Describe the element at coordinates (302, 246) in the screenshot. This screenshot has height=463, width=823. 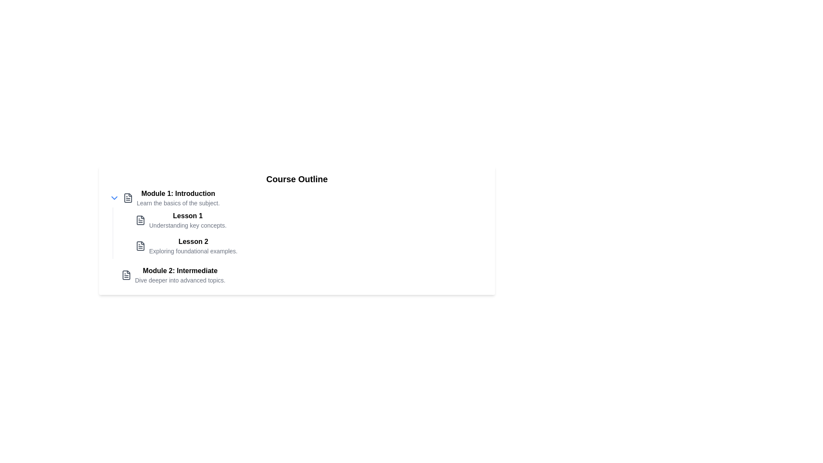
I see `the List item titled 'Lesson 2' with the description 'Exploring foundational examples.'` at that location.